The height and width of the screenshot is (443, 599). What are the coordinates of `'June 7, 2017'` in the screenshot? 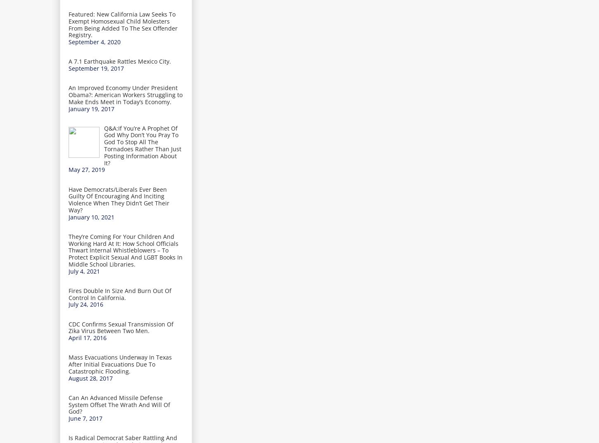 It's located at (85, 418).